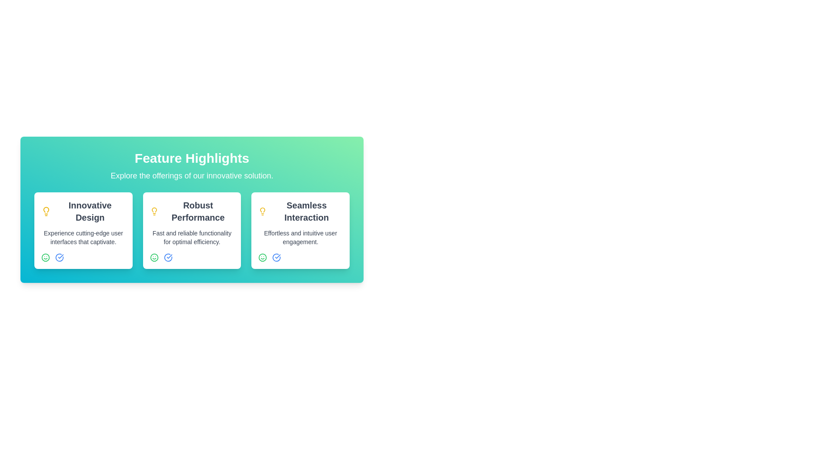 The width and height of the screenshot is (835, 470). I want to click on the text block containing the phrase 'Fast and reliable functionality for optimal efficiency' located beneath the heading 'Robust Performance' in the middle card of three horizontally aligned cards, so click(191, 238).